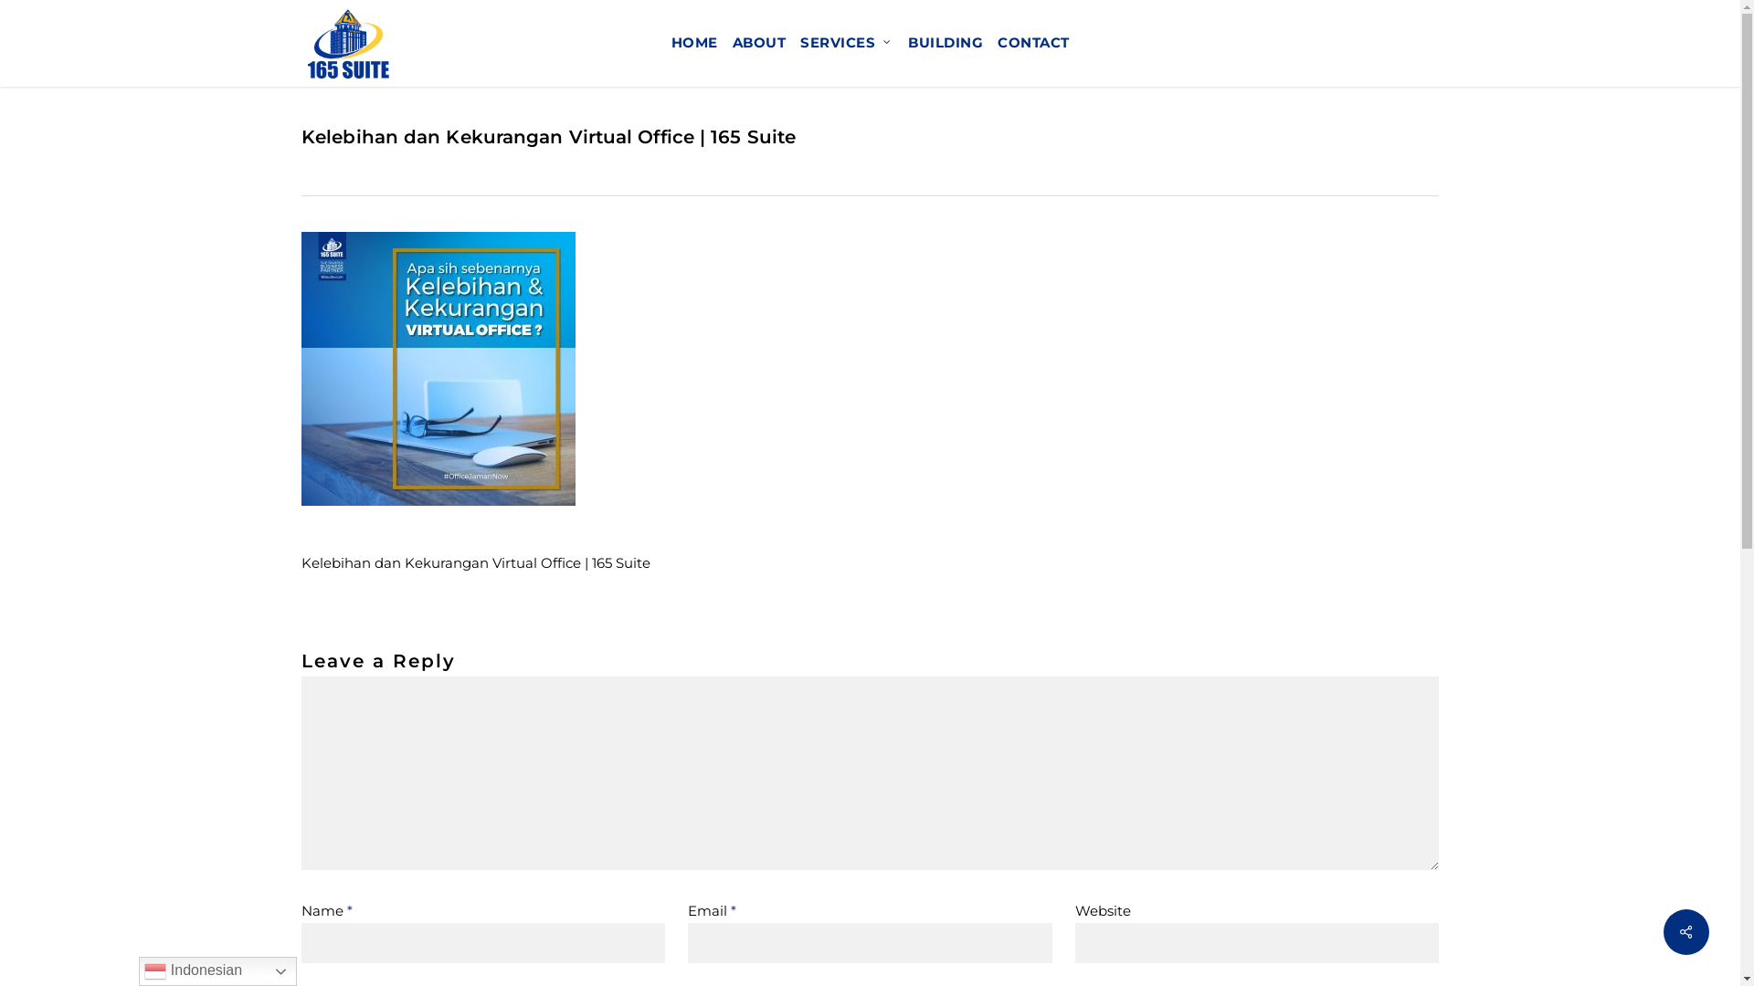  What do you see at coordinates (793, 42) in the screenshot?
I see `'SERVICES'` at bounding box center [793, 42].